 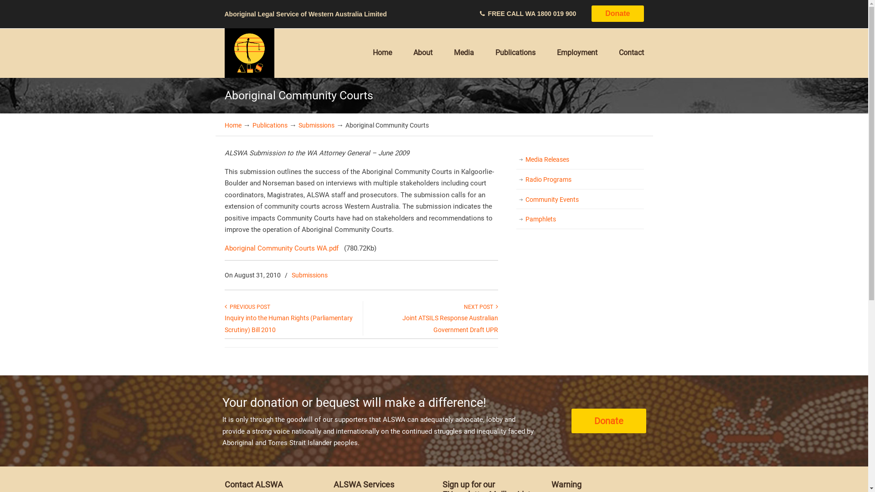 I want to click on 'Pamphlets', so click(x=579, y=220).